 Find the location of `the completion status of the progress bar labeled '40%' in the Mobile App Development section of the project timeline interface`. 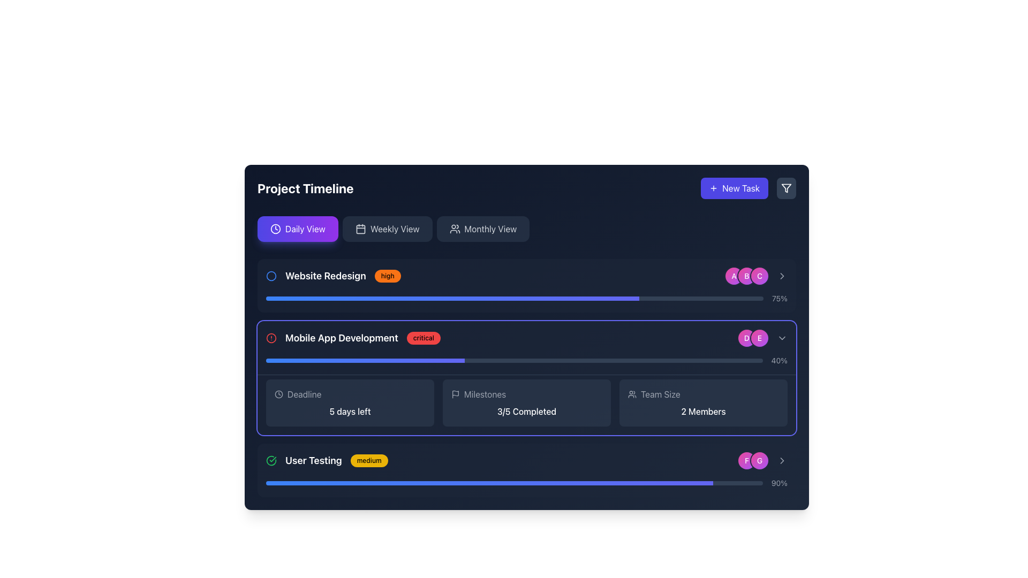

the completion status of the progress bar labeled '40%' in the Mobile App Development section of the project timeline interface is located at coordinates (526, 361).